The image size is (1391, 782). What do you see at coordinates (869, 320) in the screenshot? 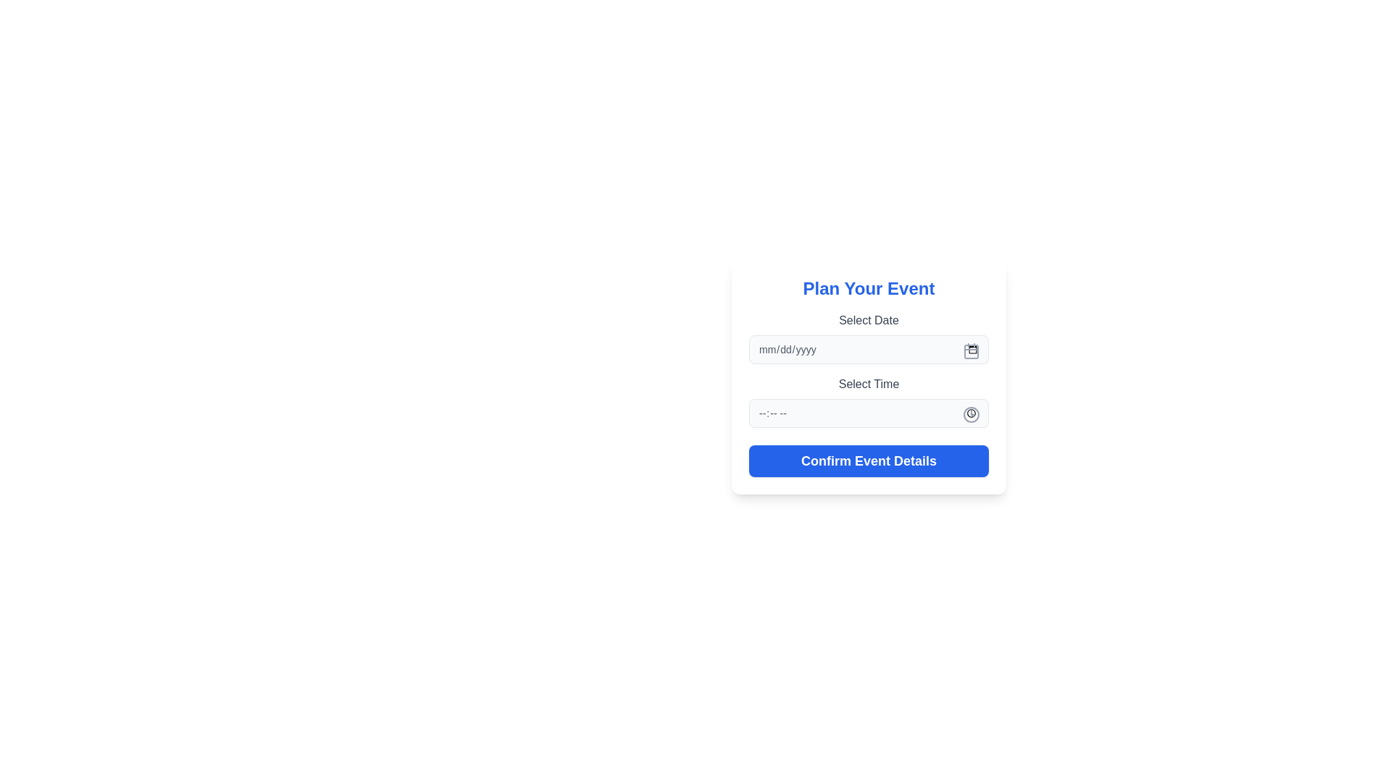
I see `the 'Select Date' text label, which is positioned above the date input field within the 'Plan Your Event' form` at bounding box center [869, 320].